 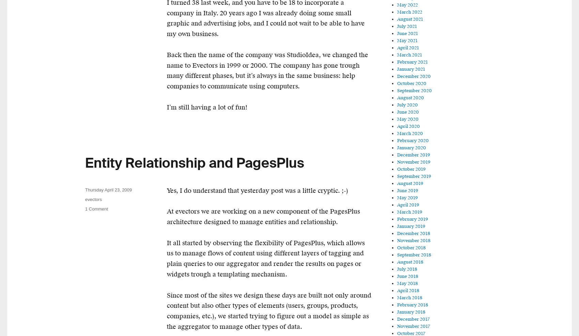 I want to click on 'July 2021', so click(x=406, y=26).